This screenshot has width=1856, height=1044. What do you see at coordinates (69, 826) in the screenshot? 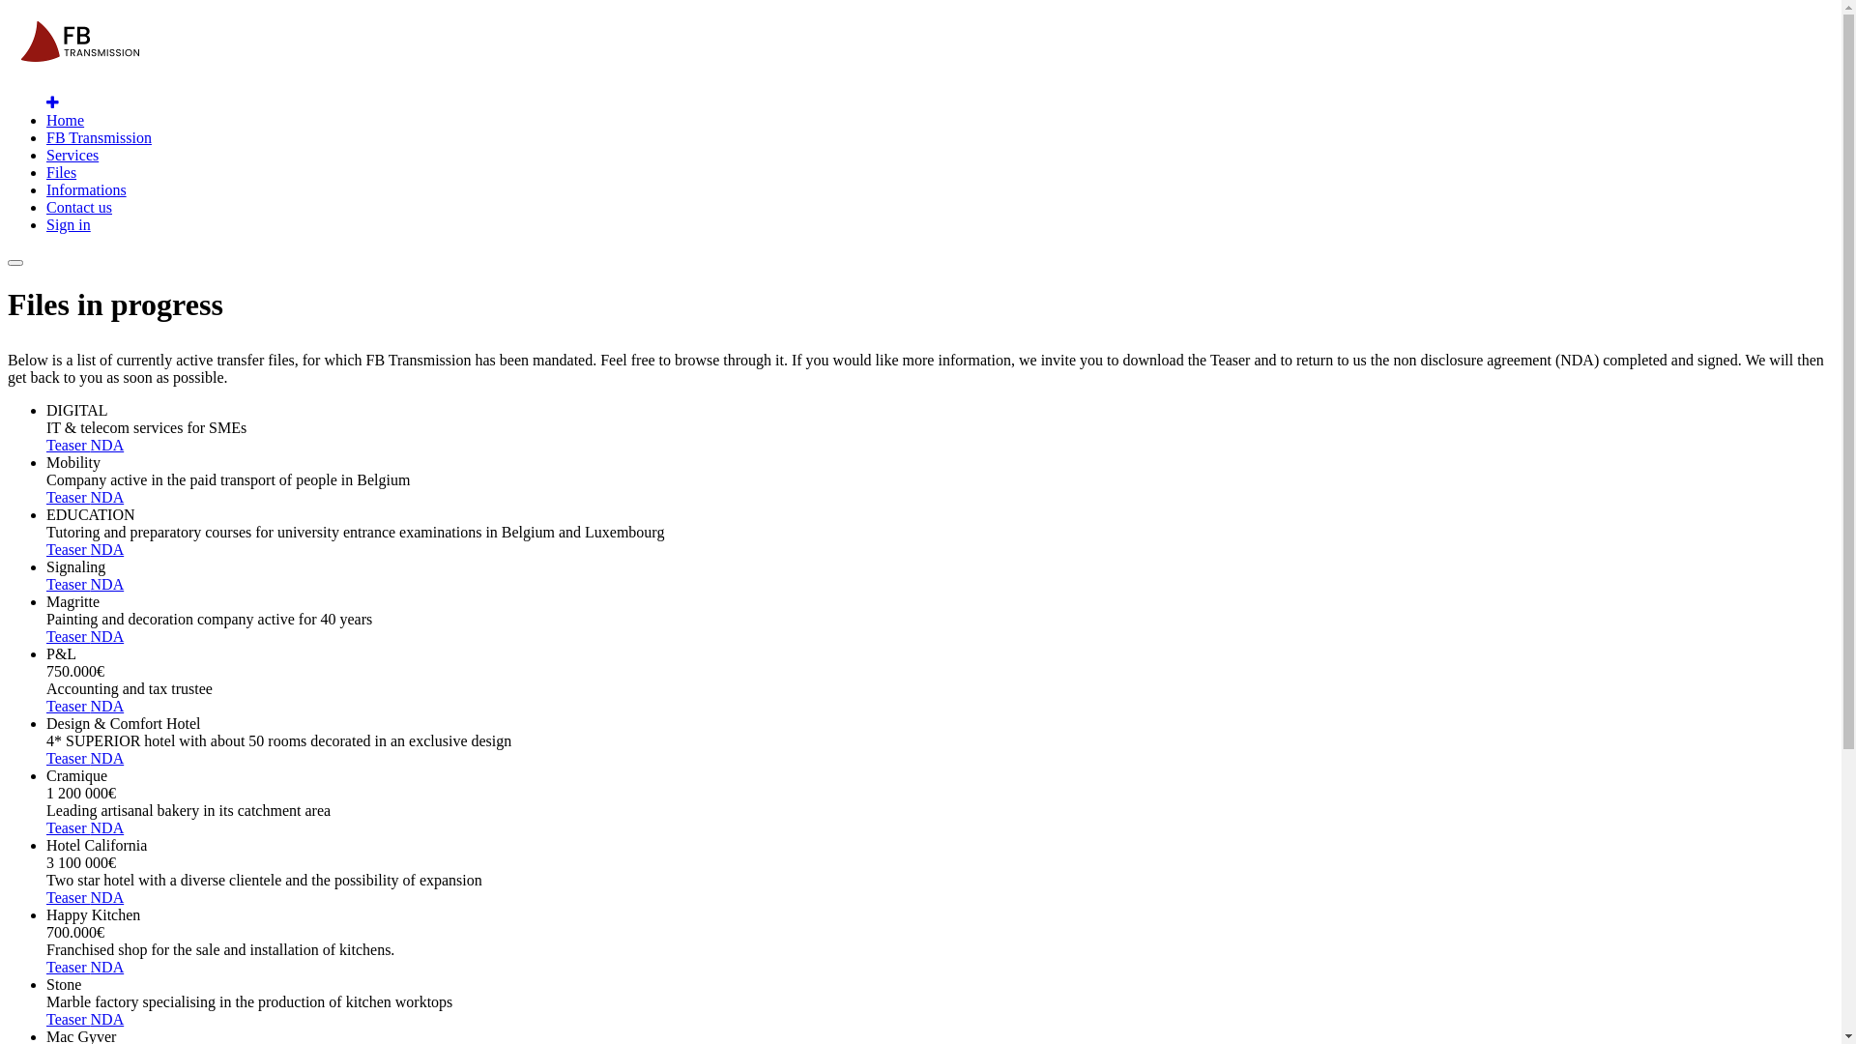
I see `'Teaser'` at bounding box center [69, 826].